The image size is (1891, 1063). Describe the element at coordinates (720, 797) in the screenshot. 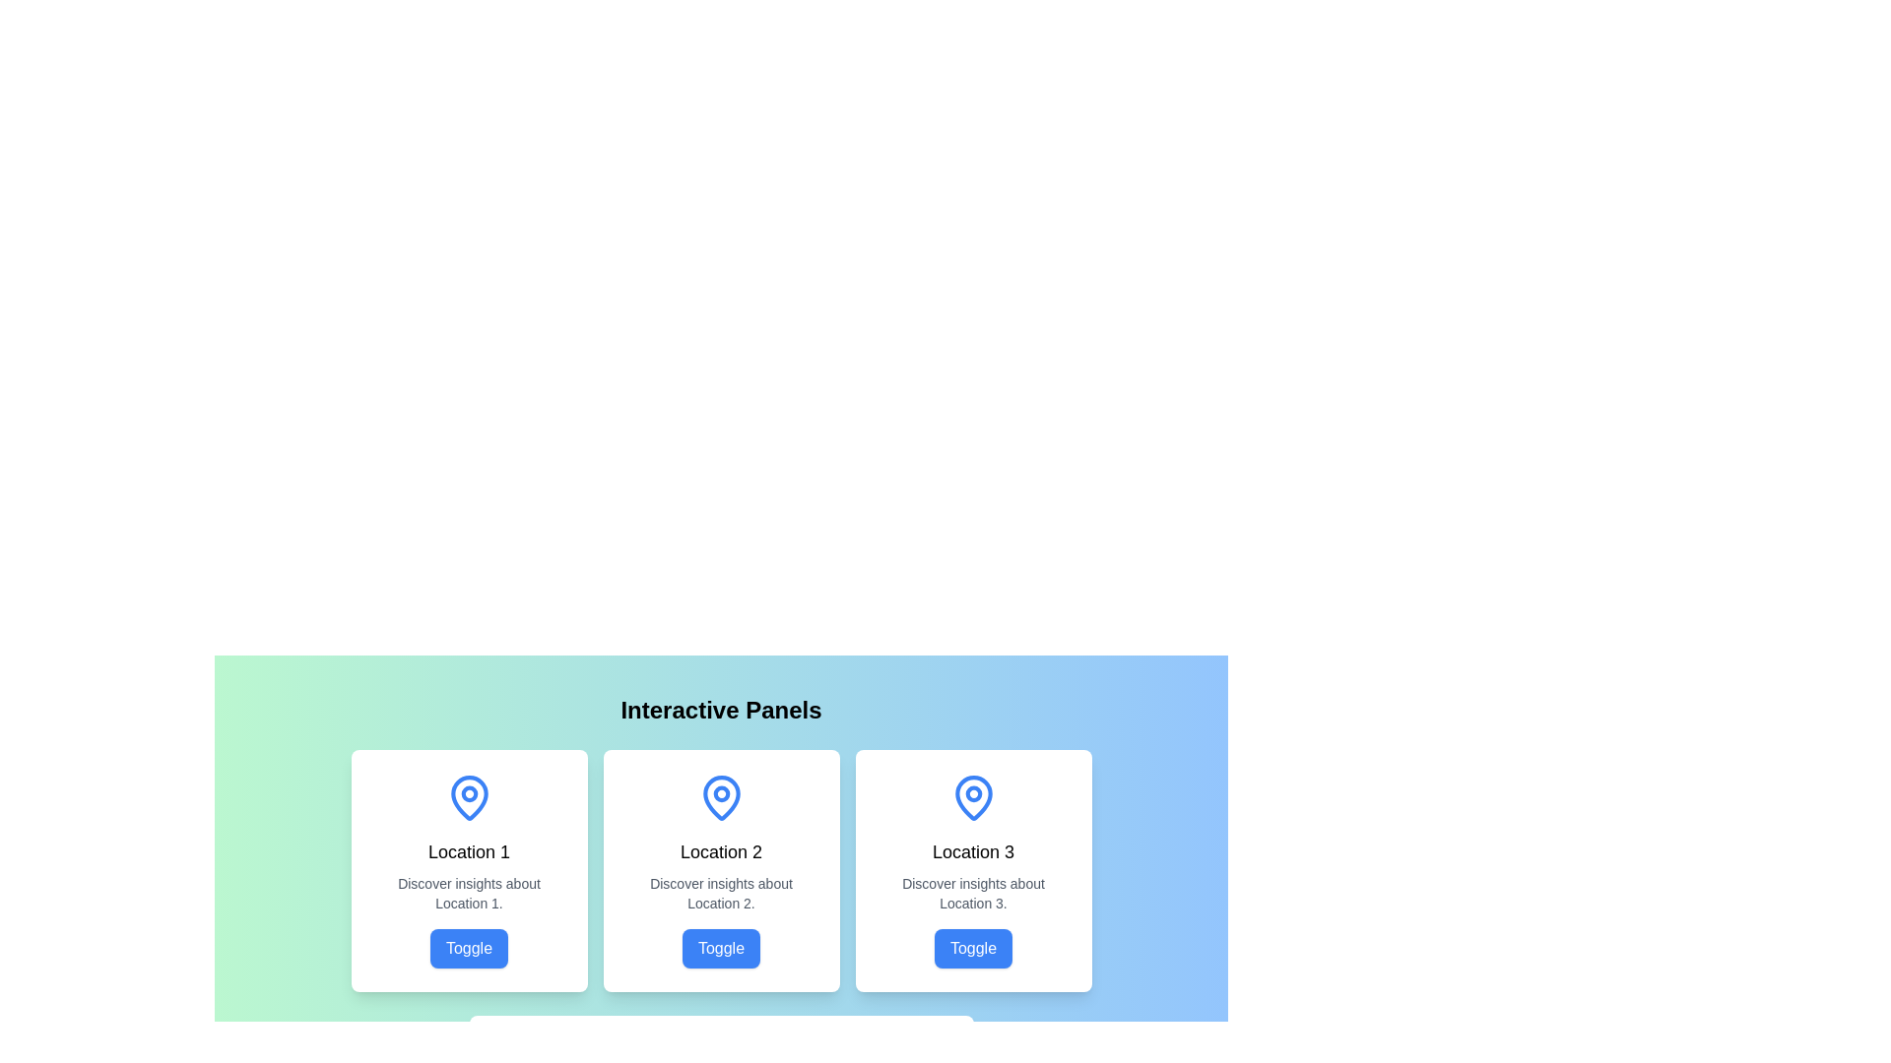

I see `the location icon positioned at the top of the 'Location 2' card, which visually represents the concept of a location` at that location.